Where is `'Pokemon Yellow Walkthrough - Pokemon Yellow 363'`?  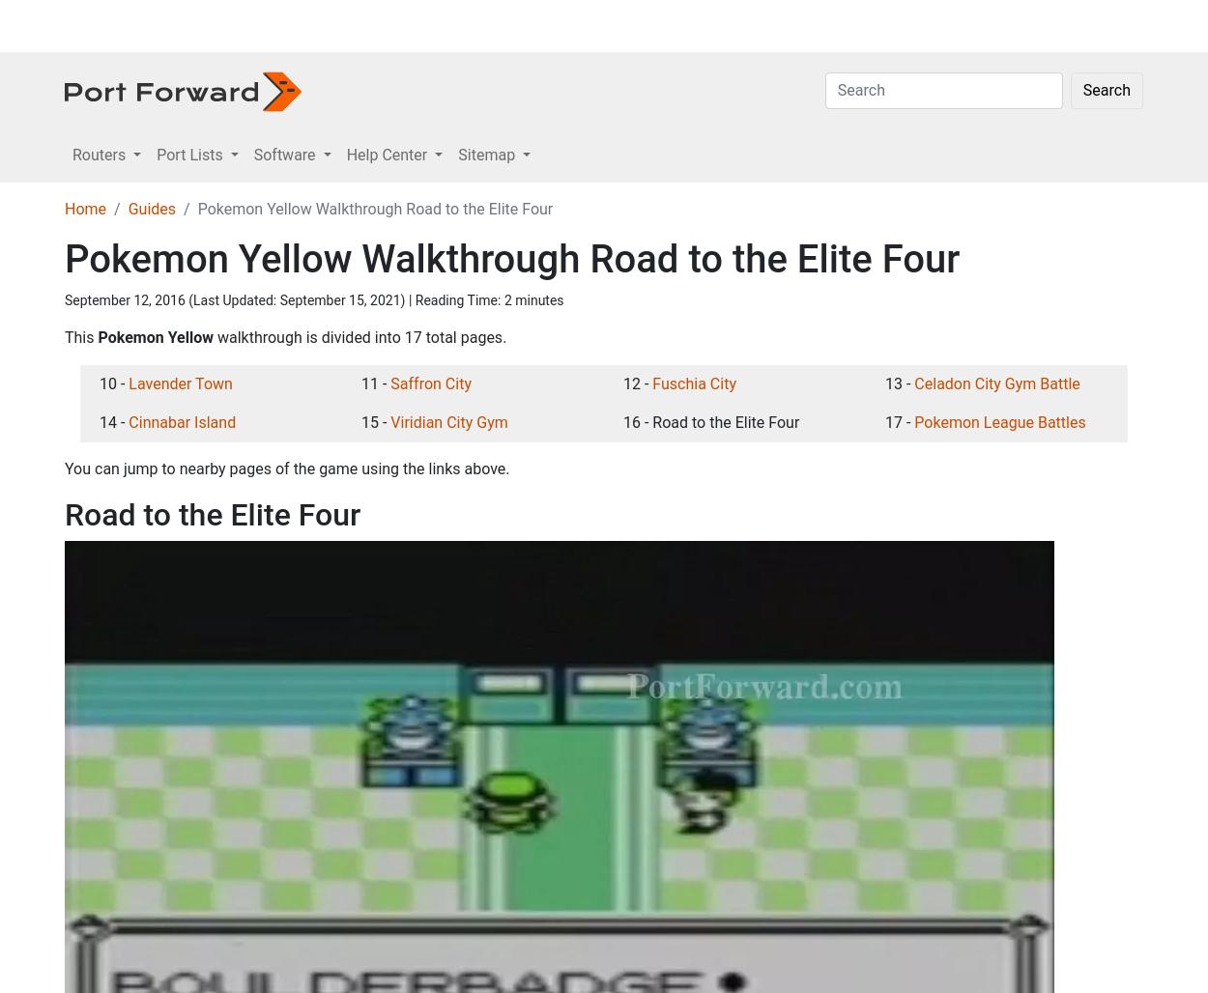
'Pokemon Yellow Walkthrough - Pokemon Yellow 363' is located at coordinates (896, 622).